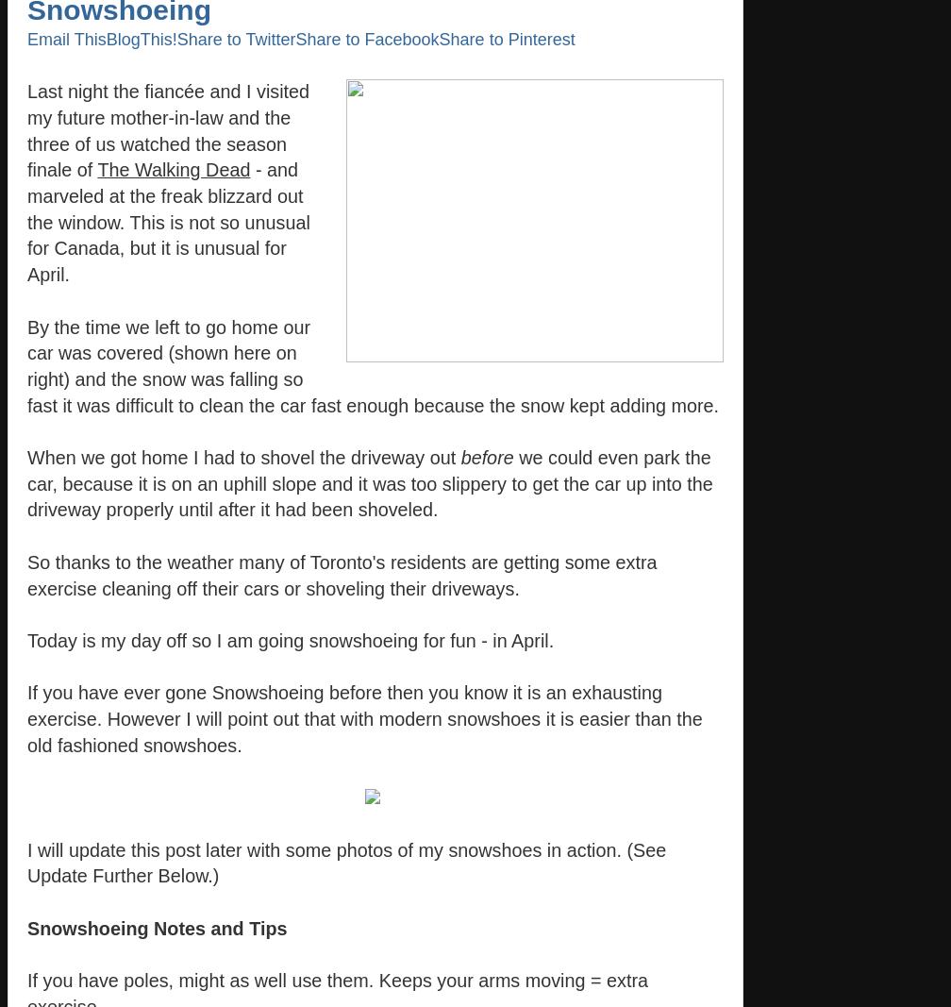 This screenshot has width=951, height=1007. I want to click on 'BlogThis!', so click(141, 39).